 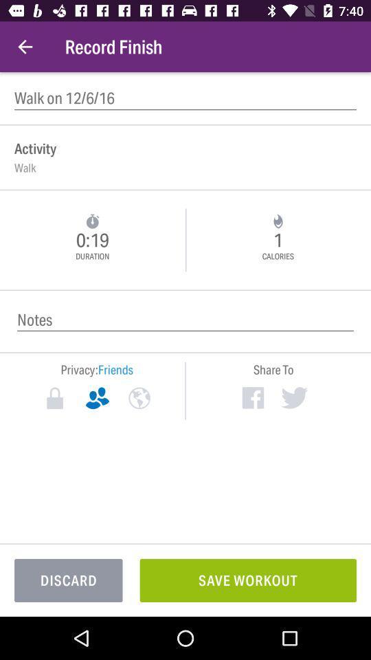 What do you see at coordinates (252, 397) in the screenshot?
I see `share to facebook` at bounding box center [252, 397].